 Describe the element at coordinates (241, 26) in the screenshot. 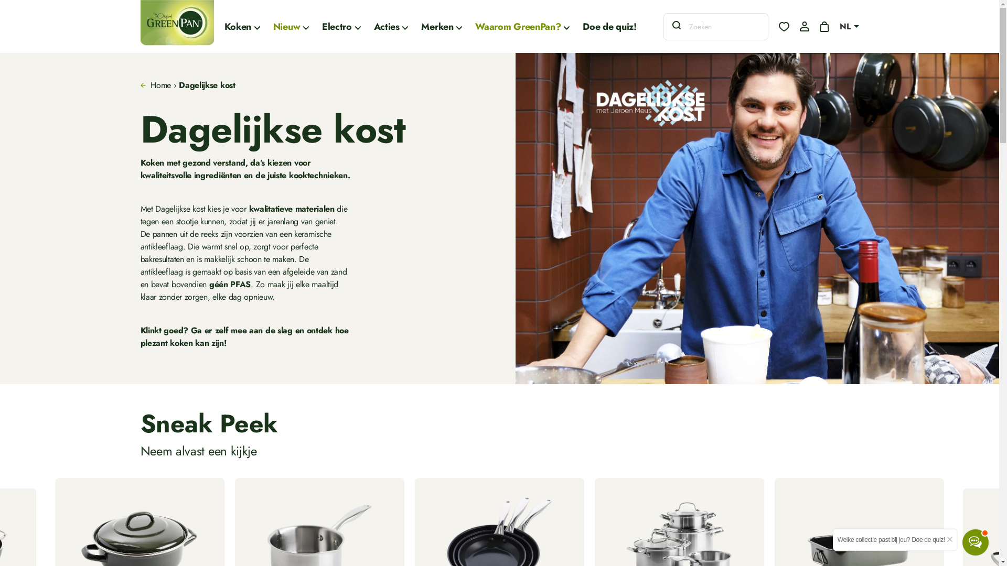

I see `'Koken'` at that location.